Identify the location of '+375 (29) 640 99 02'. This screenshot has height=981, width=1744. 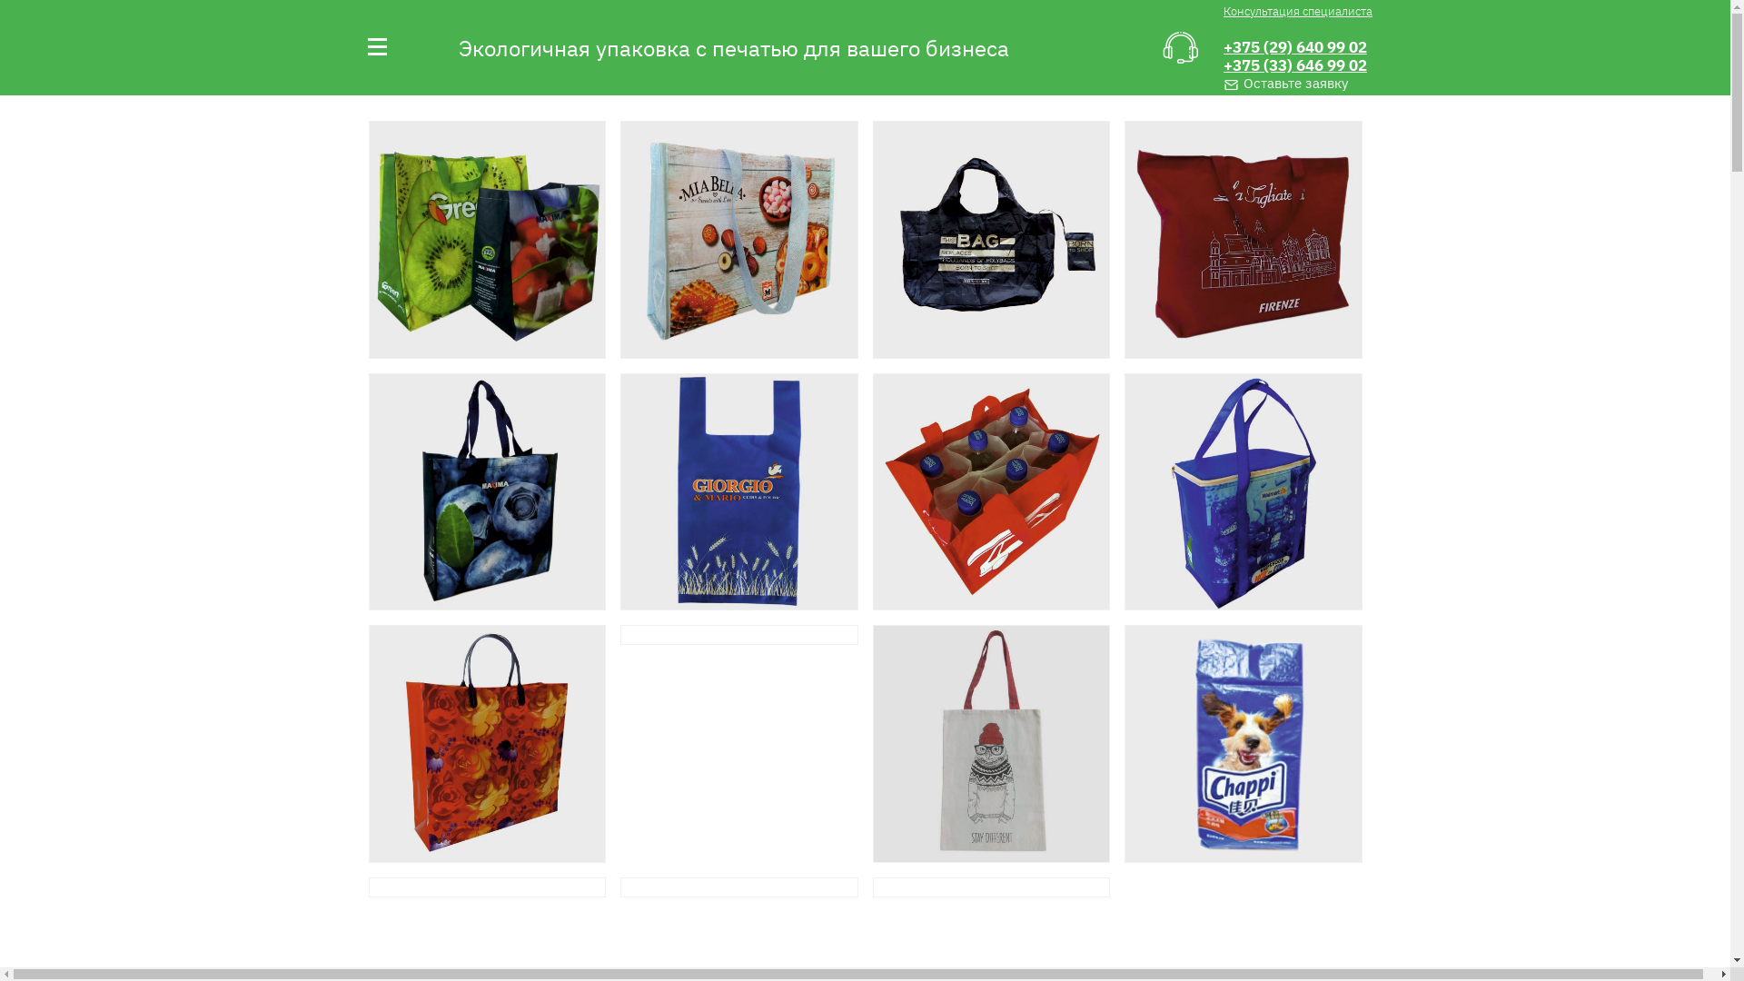
(1293, 45).